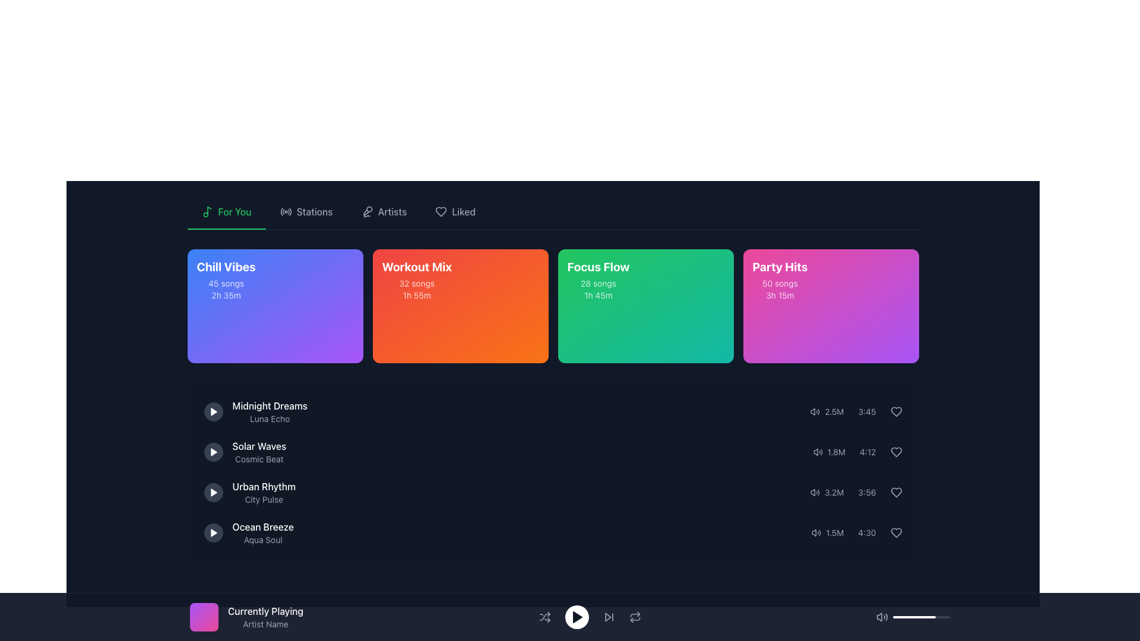 The width and height of the screenshot is (1140, 641). What do you see at coordinates (812, 411) in the screenshot?
I see `the speaker icon representing volume functionality located at the leftmost part of the volume control icon in the song details row` at bounding box center [812, 411].